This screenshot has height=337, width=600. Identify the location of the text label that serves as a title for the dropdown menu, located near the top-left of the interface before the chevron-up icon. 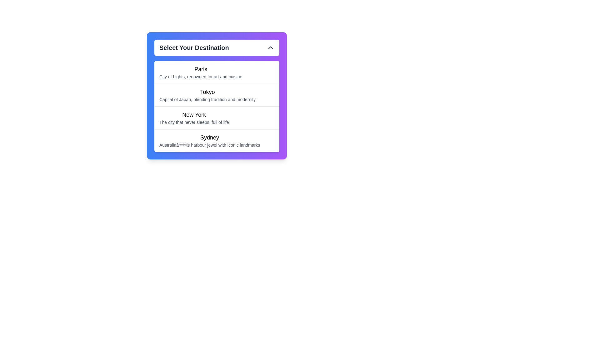
(194, 47).